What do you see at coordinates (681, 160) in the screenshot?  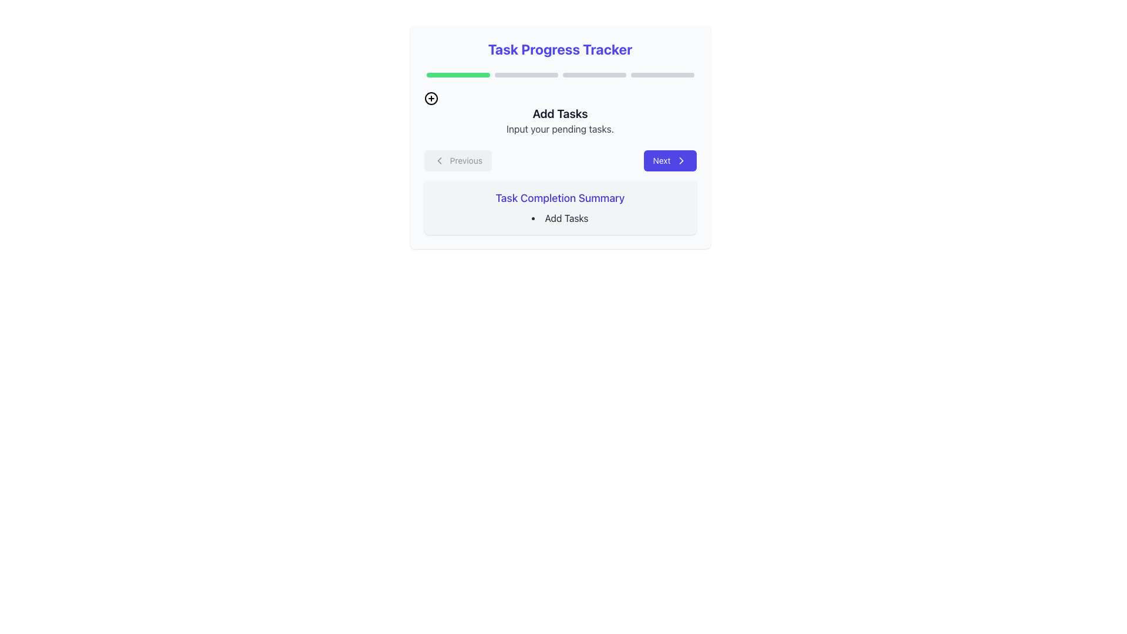 I see `the direction indicated by the chevron arrow icon inside the blue 'Next' button, which points to the right` at bounding box center [681, 160].